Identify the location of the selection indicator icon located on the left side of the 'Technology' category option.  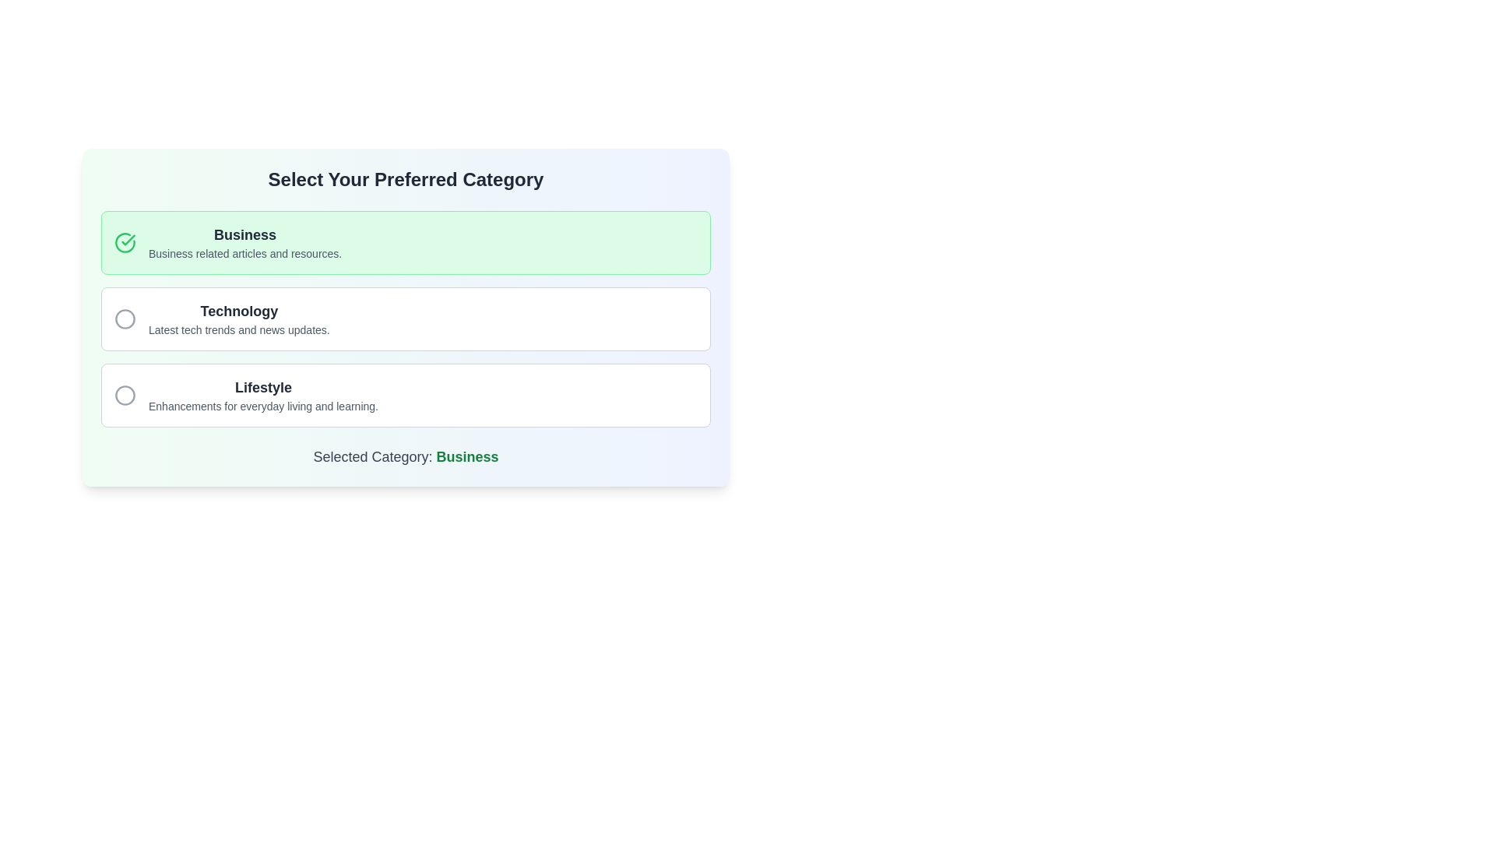
(125, 318).